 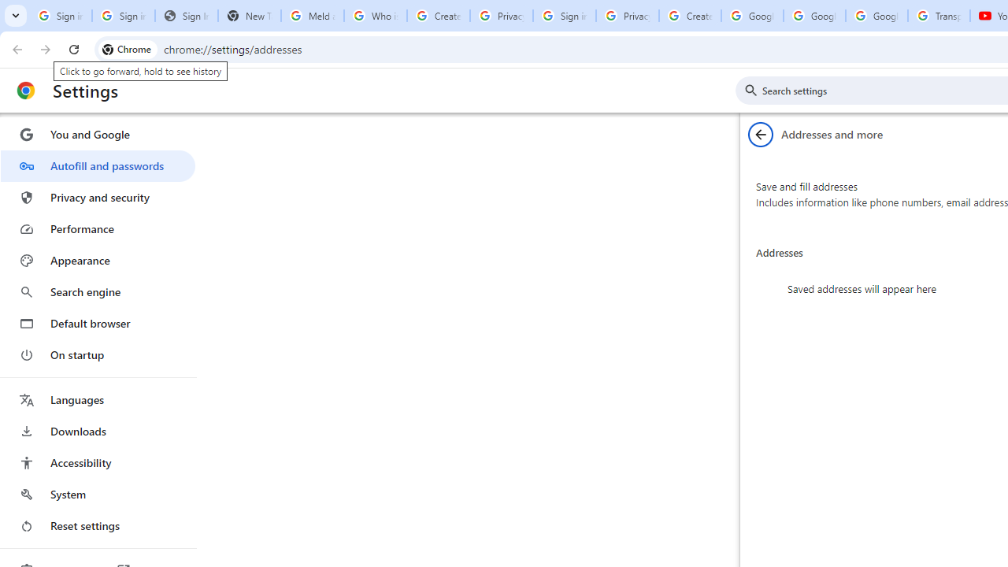 I want to click on 'Who is my administrator? - Google Account Help', so click(x=374, y=16).